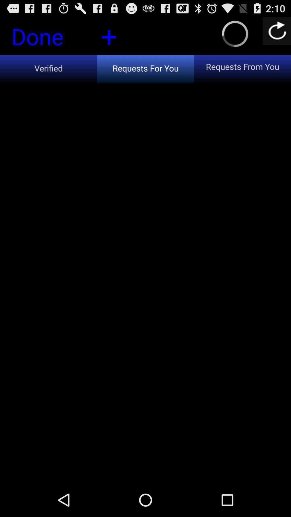 The width and height of the screenshot is (291, 517). What do you see at coordinates (109, 35) in the screenshot?
I see `the icon to the left of the requests from you icon` at bounding box center [109, 35].